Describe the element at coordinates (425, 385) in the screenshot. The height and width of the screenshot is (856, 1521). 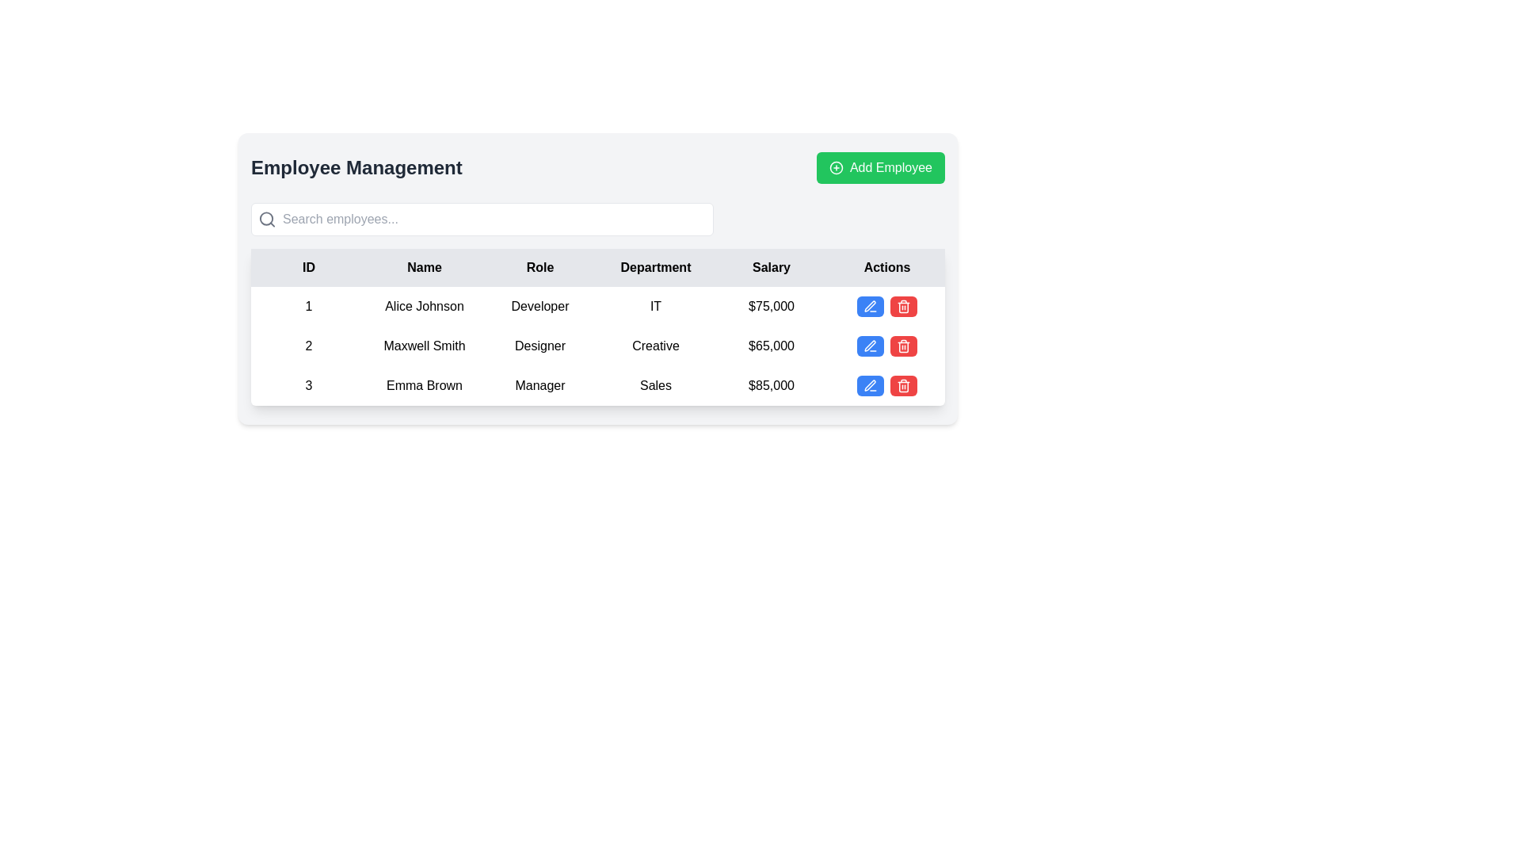
I see `the non-interactive text label displaying the employee's name in the second column of the third row in the table under the header 'Name.'` at that location.